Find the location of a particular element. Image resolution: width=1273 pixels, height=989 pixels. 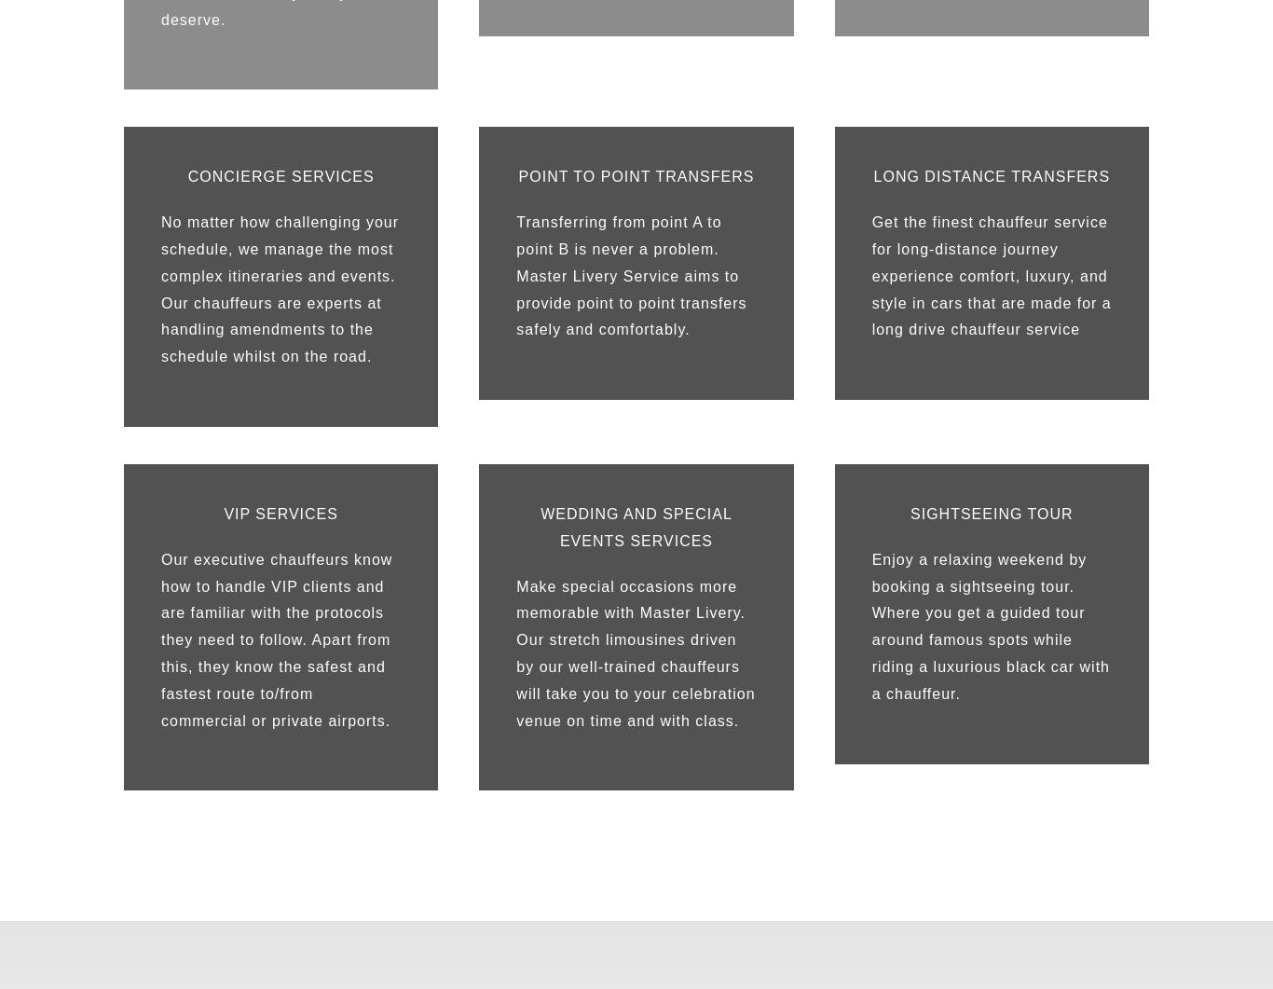

'Get the finest chauffeur service for long-distance journey experience comfort, luxury, and style in cars that are made for a long drive chauffeur service' is located at coordinates (990, 275).